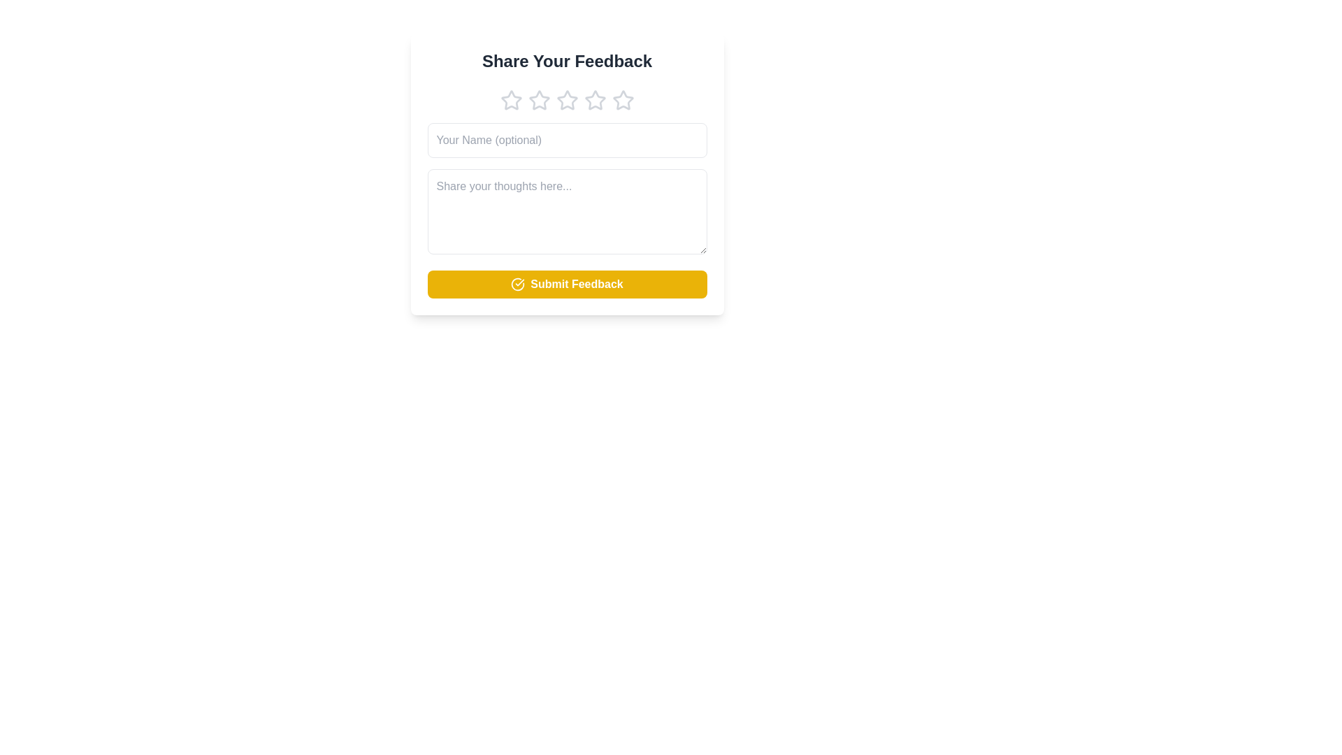  What do you see at coordinates (517, 284) in the screenshot?
I see `the feedback submission icon located to the left of the text label within the 'Submit Feedback' button` at bounding box center [517, 284].